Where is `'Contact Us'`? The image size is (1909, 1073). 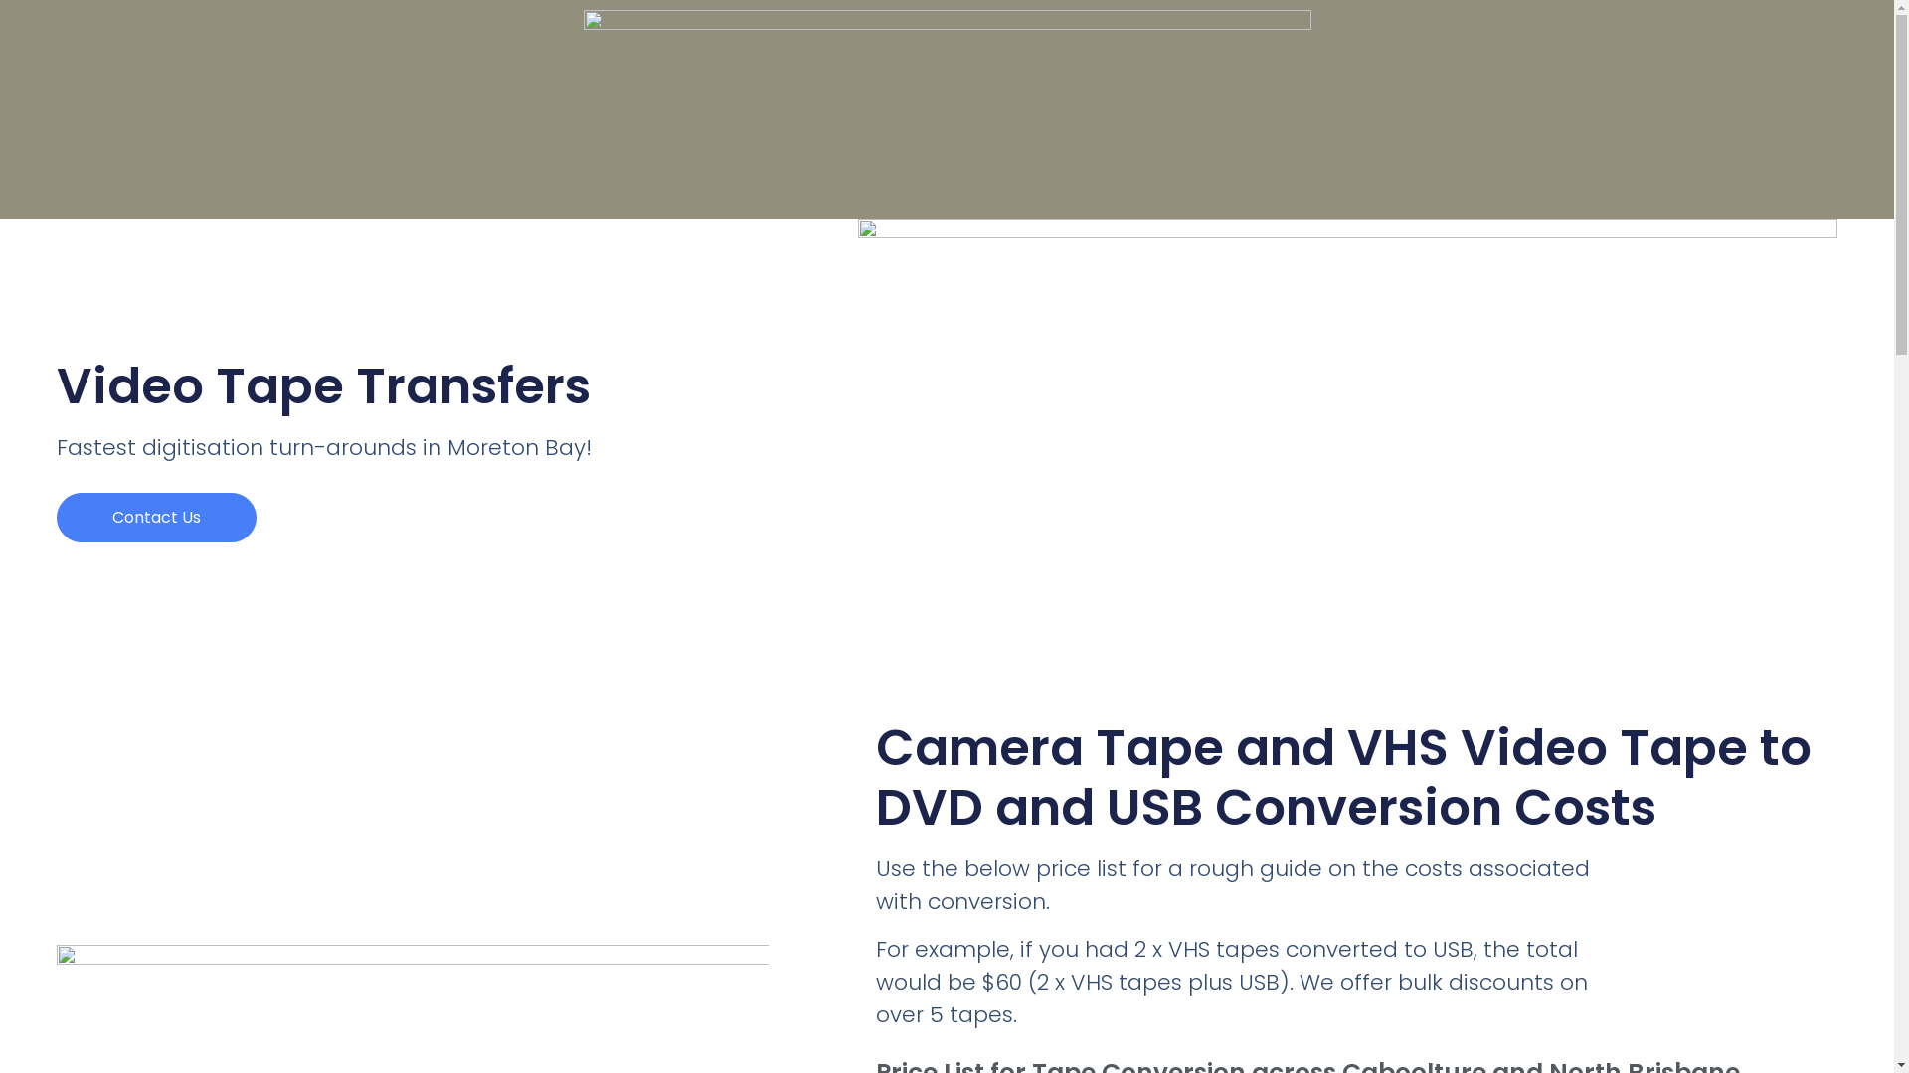
'Contact Us' is located at coordinates (57, 516).